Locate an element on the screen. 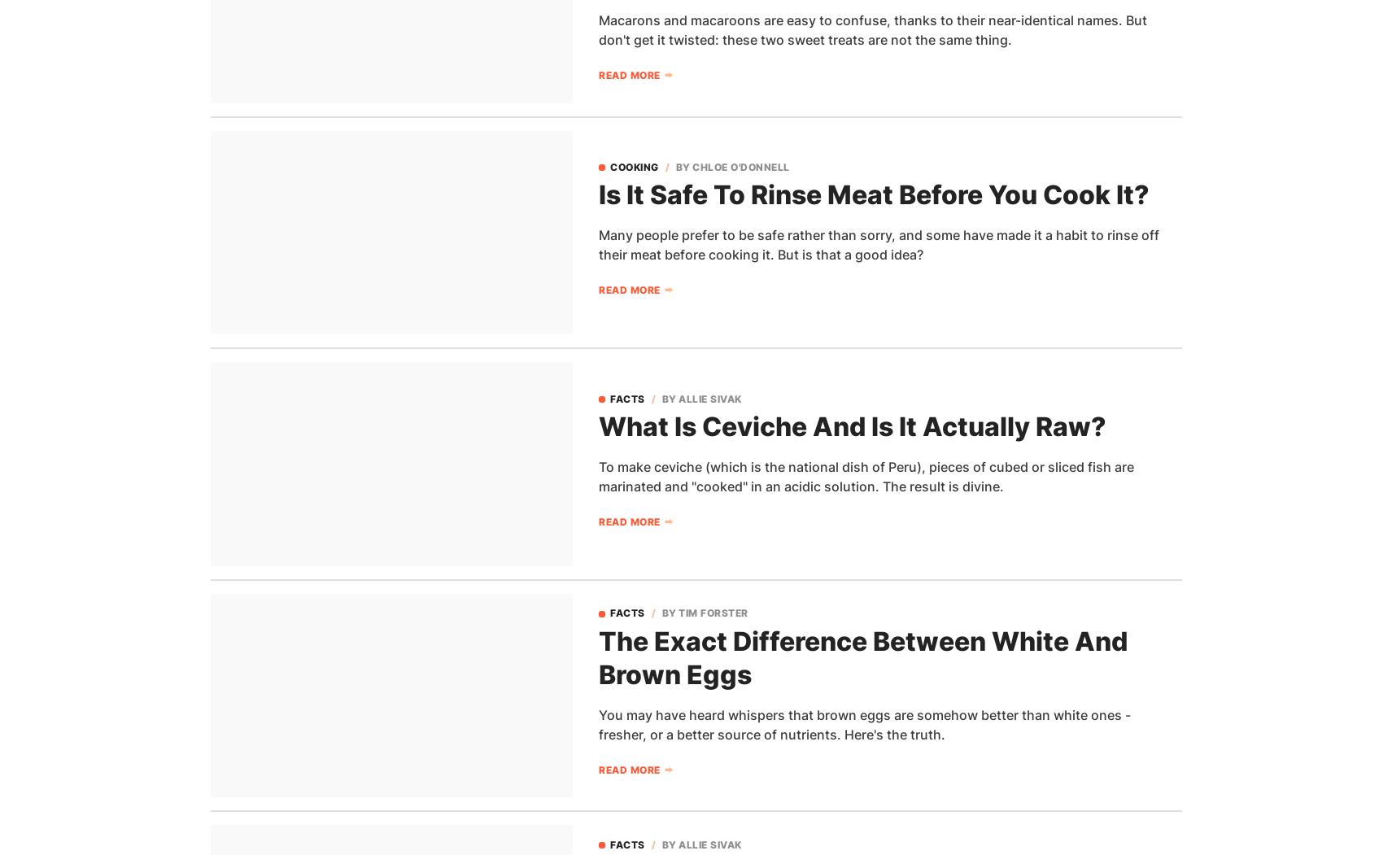 This screenshot has width=1392, height=855. 'The Exact Difference Between White And Brown Eggs' is located at coordinates (598, 657).